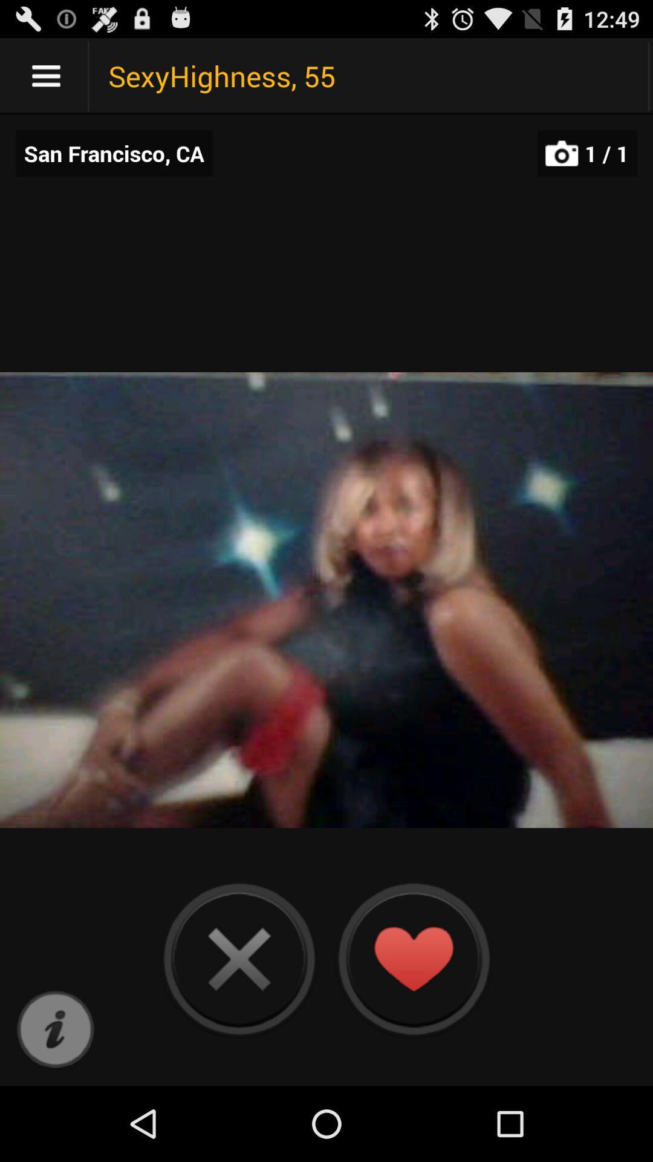  Describe the element at coordinates (55, 1029) in the screenshot. I see `more information` at that location.